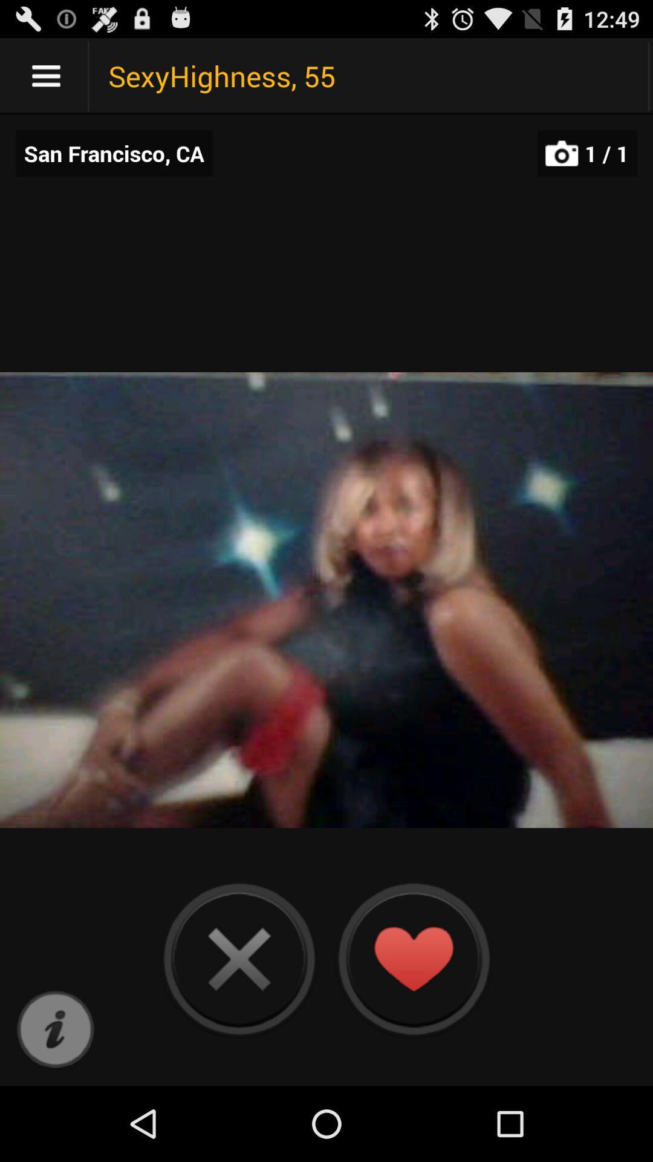  Describe the element at coordinates (55, 1029) in the screenshot. I see `more information` at that location.